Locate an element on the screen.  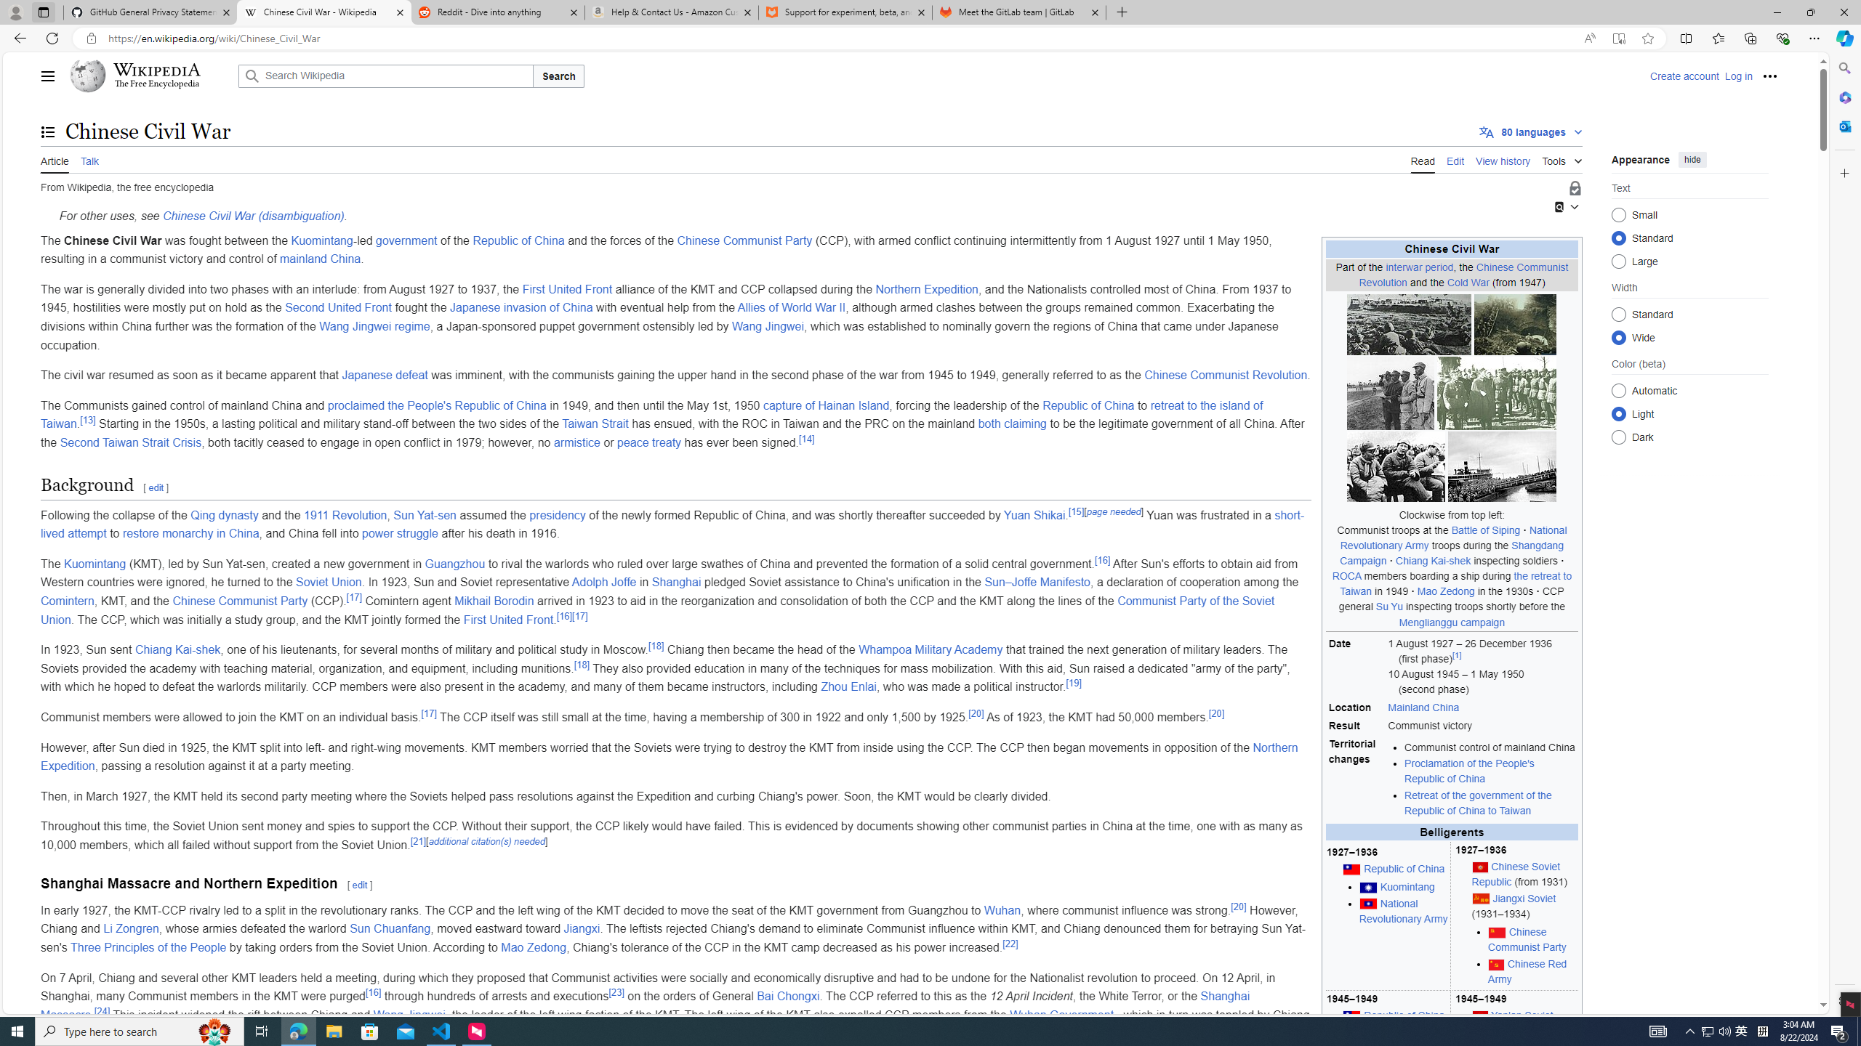
'Wikipedia The Free Encyclopedia' is located at coordinates (150, 76).